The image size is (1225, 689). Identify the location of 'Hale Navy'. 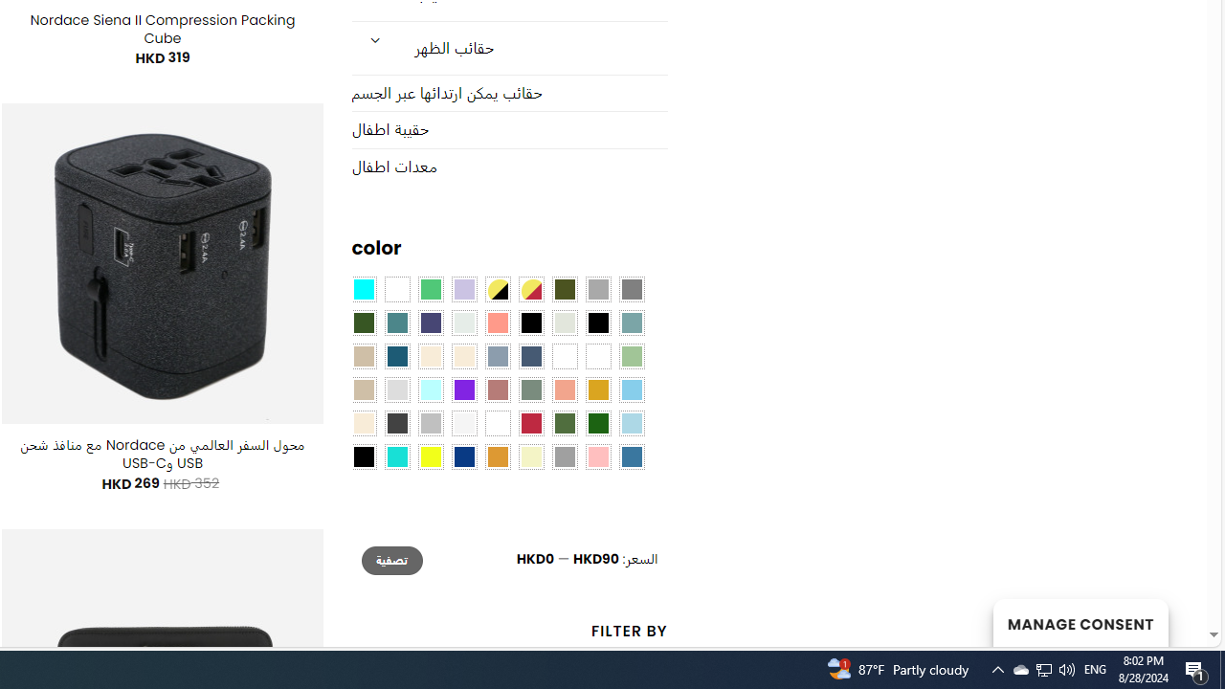
(530, 356).